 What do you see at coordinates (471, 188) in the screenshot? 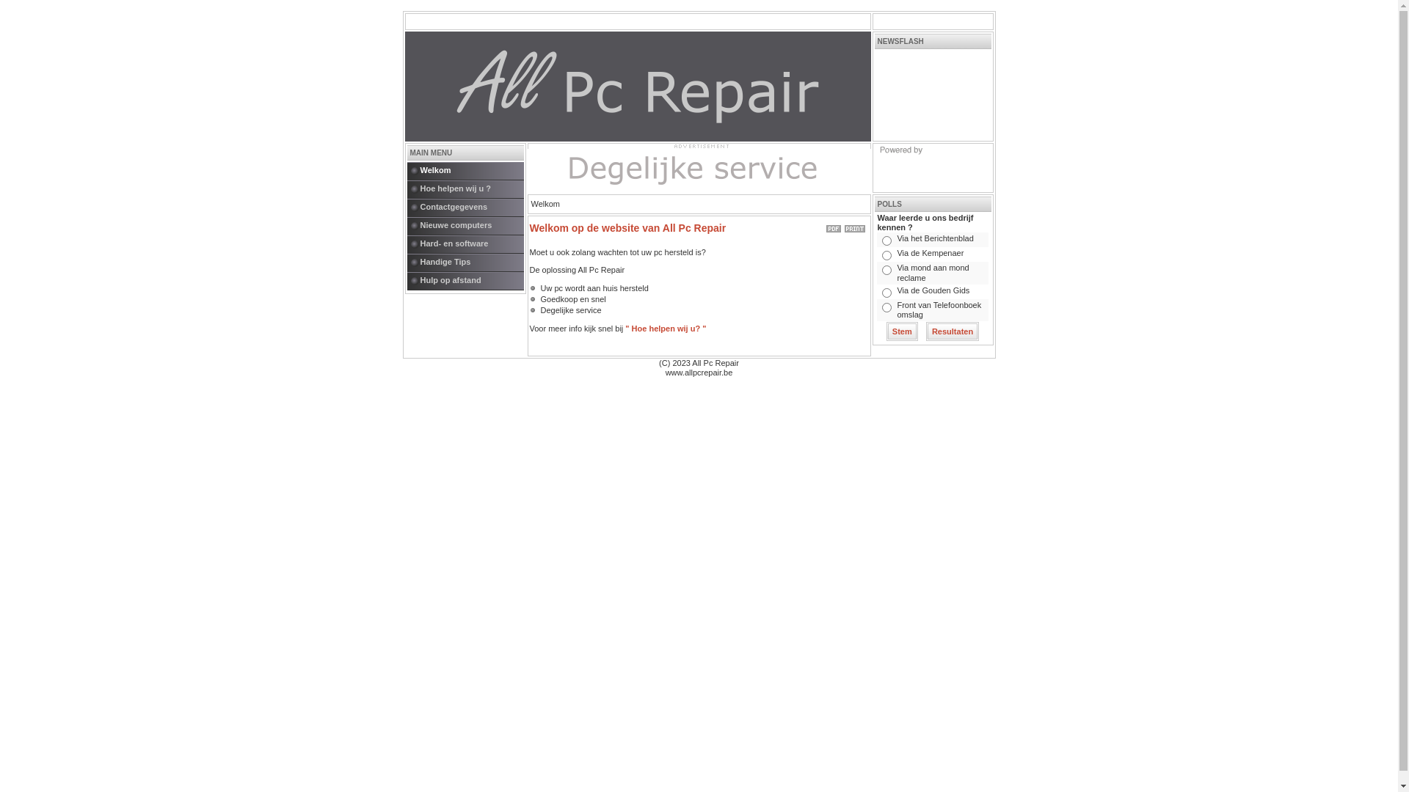
I see `'Hoe helpen wij u ?'` at bounding box center [471, 188].